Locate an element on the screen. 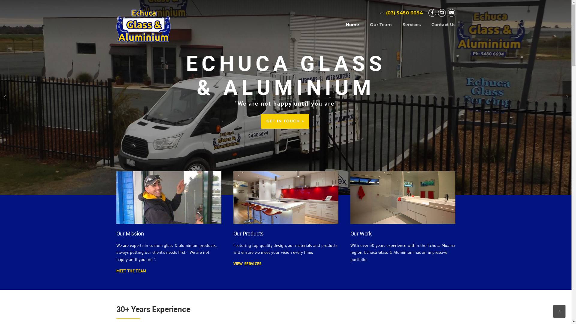 Image resolution: width=576 pixels, height=324 pixels. 'Email' is located at coordinates (451, 13).